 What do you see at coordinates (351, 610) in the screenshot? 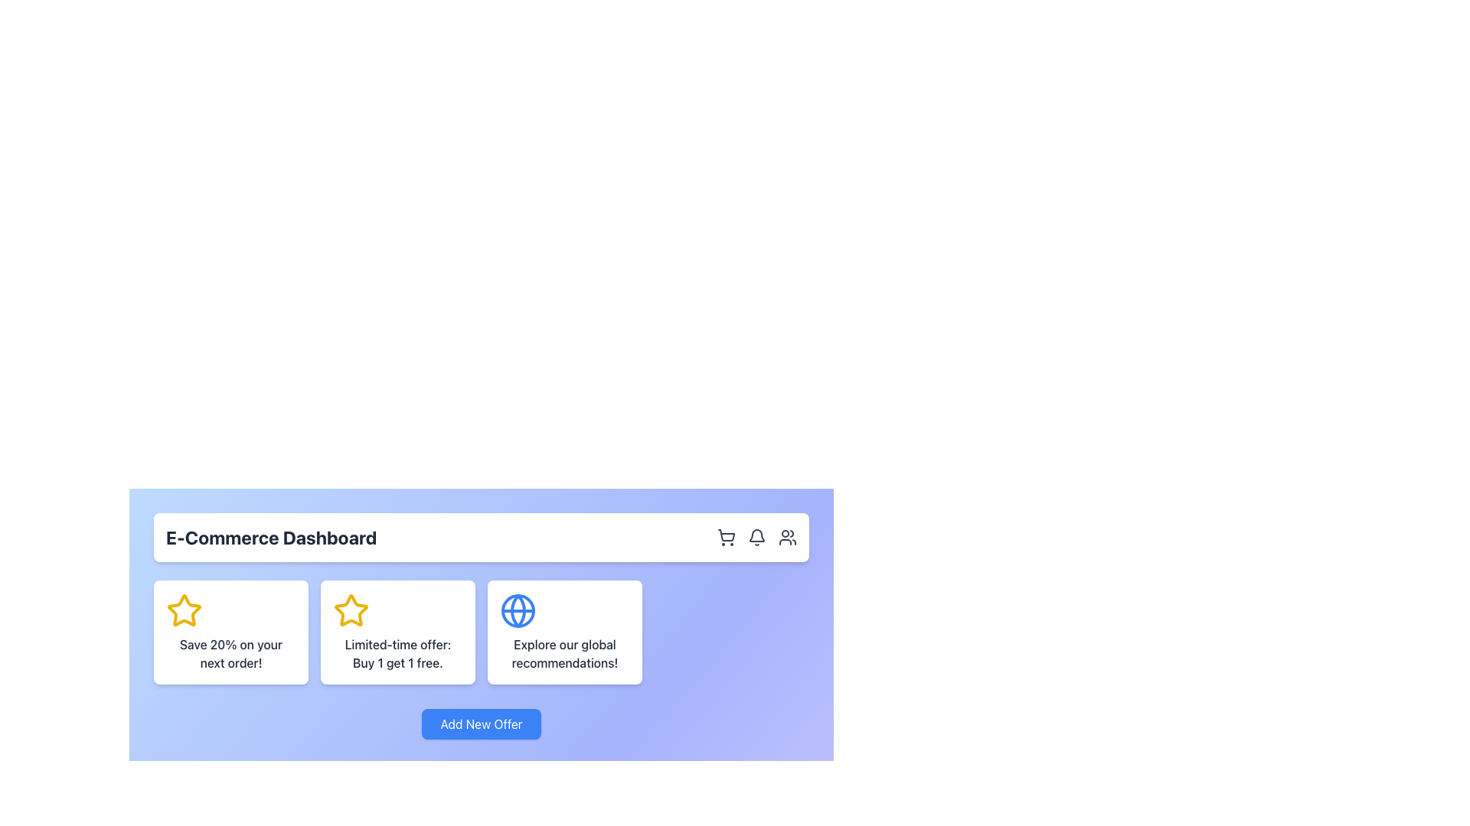
I see `the star-shaped icon with a golden yellow outline located in the second card labeled 'Limited-time offer: Buy 1 get 1 free' on the E-Commerce Dashboard` at bounding box center [351, 610].